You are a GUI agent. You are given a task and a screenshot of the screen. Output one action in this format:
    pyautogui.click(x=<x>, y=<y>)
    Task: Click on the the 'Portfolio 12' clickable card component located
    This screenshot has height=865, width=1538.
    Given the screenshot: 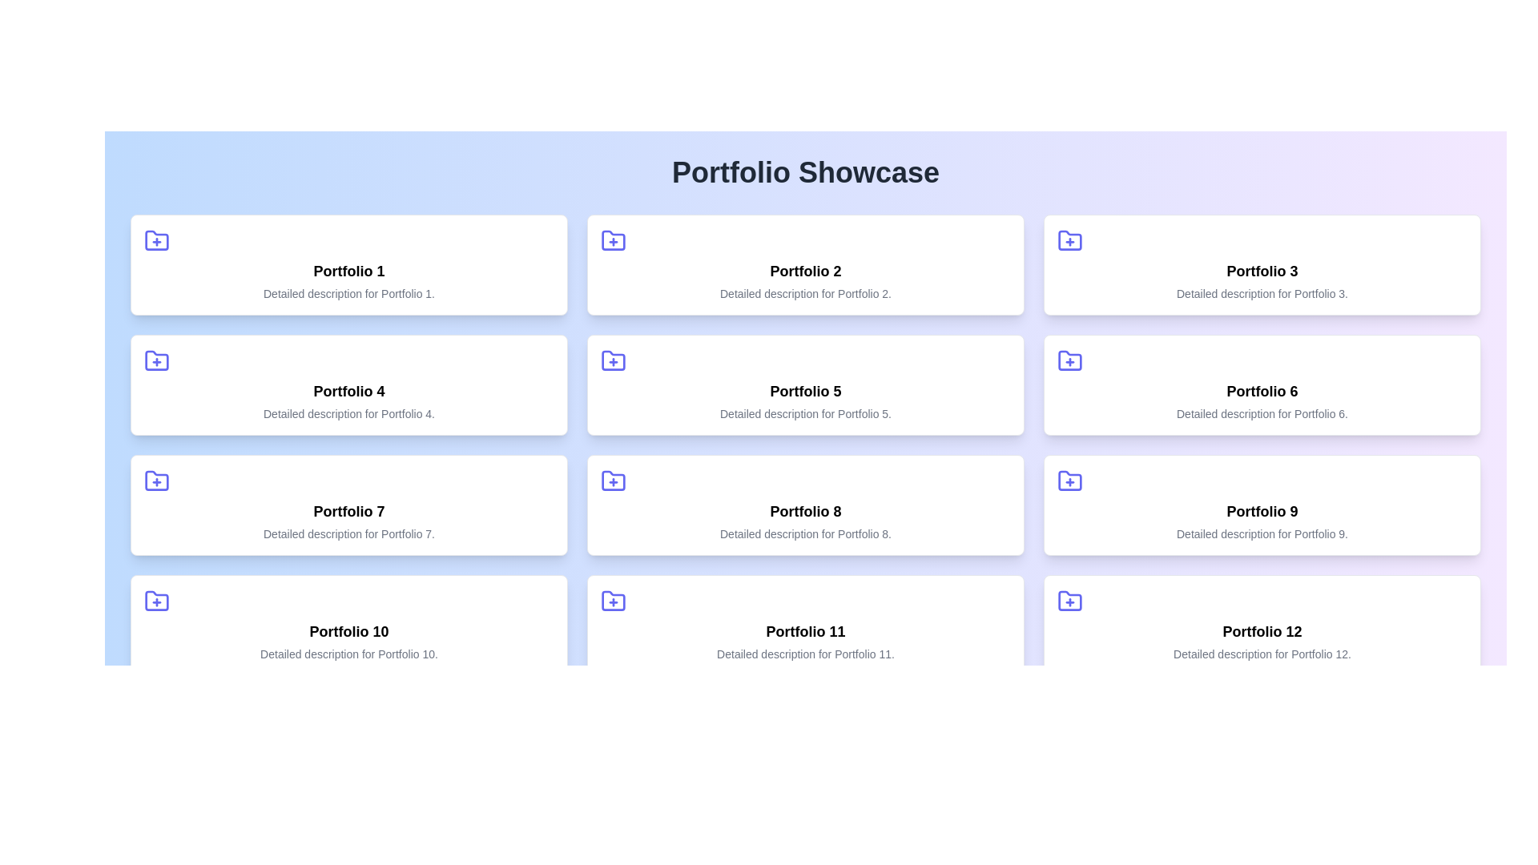 What is the action you would take?
    pyautogui.click(x=1261, y=624)
    